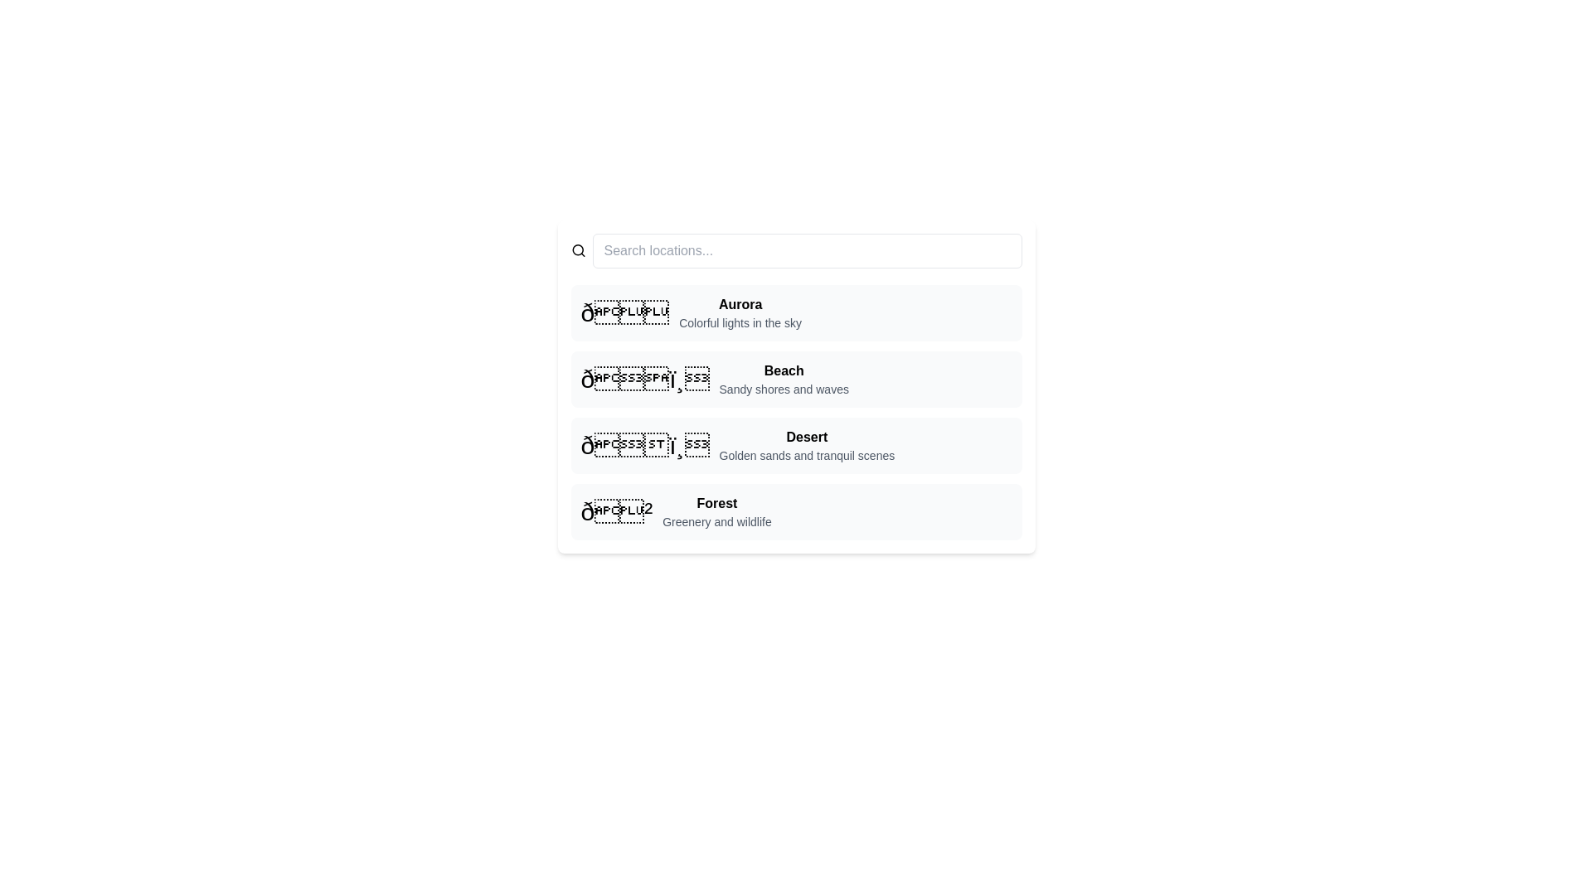  What do you see at coordinates (716, 520) in the screenshot?
I see `the descriptive text label located directly below the 'Forest' title within the fourth item of the list` at bounding box center [716, 520].